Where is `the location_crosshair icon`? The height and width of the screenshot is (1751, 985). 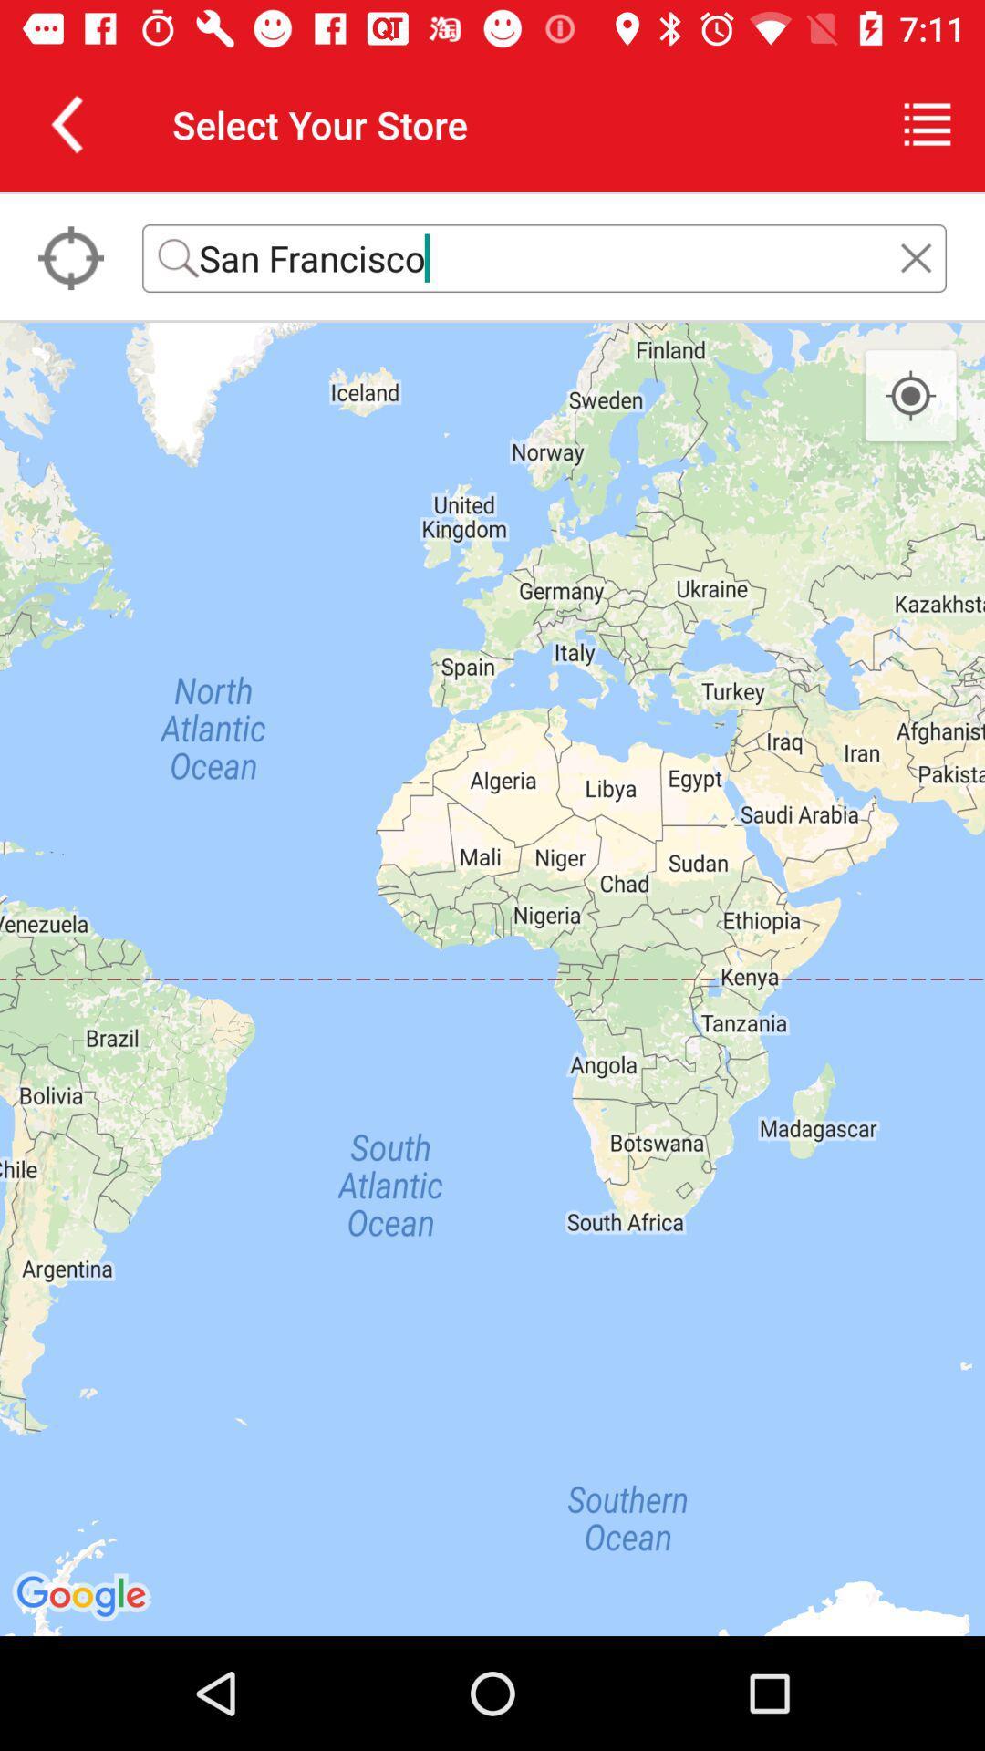
the location_crosshair icon is located at coordinates (69, 257).